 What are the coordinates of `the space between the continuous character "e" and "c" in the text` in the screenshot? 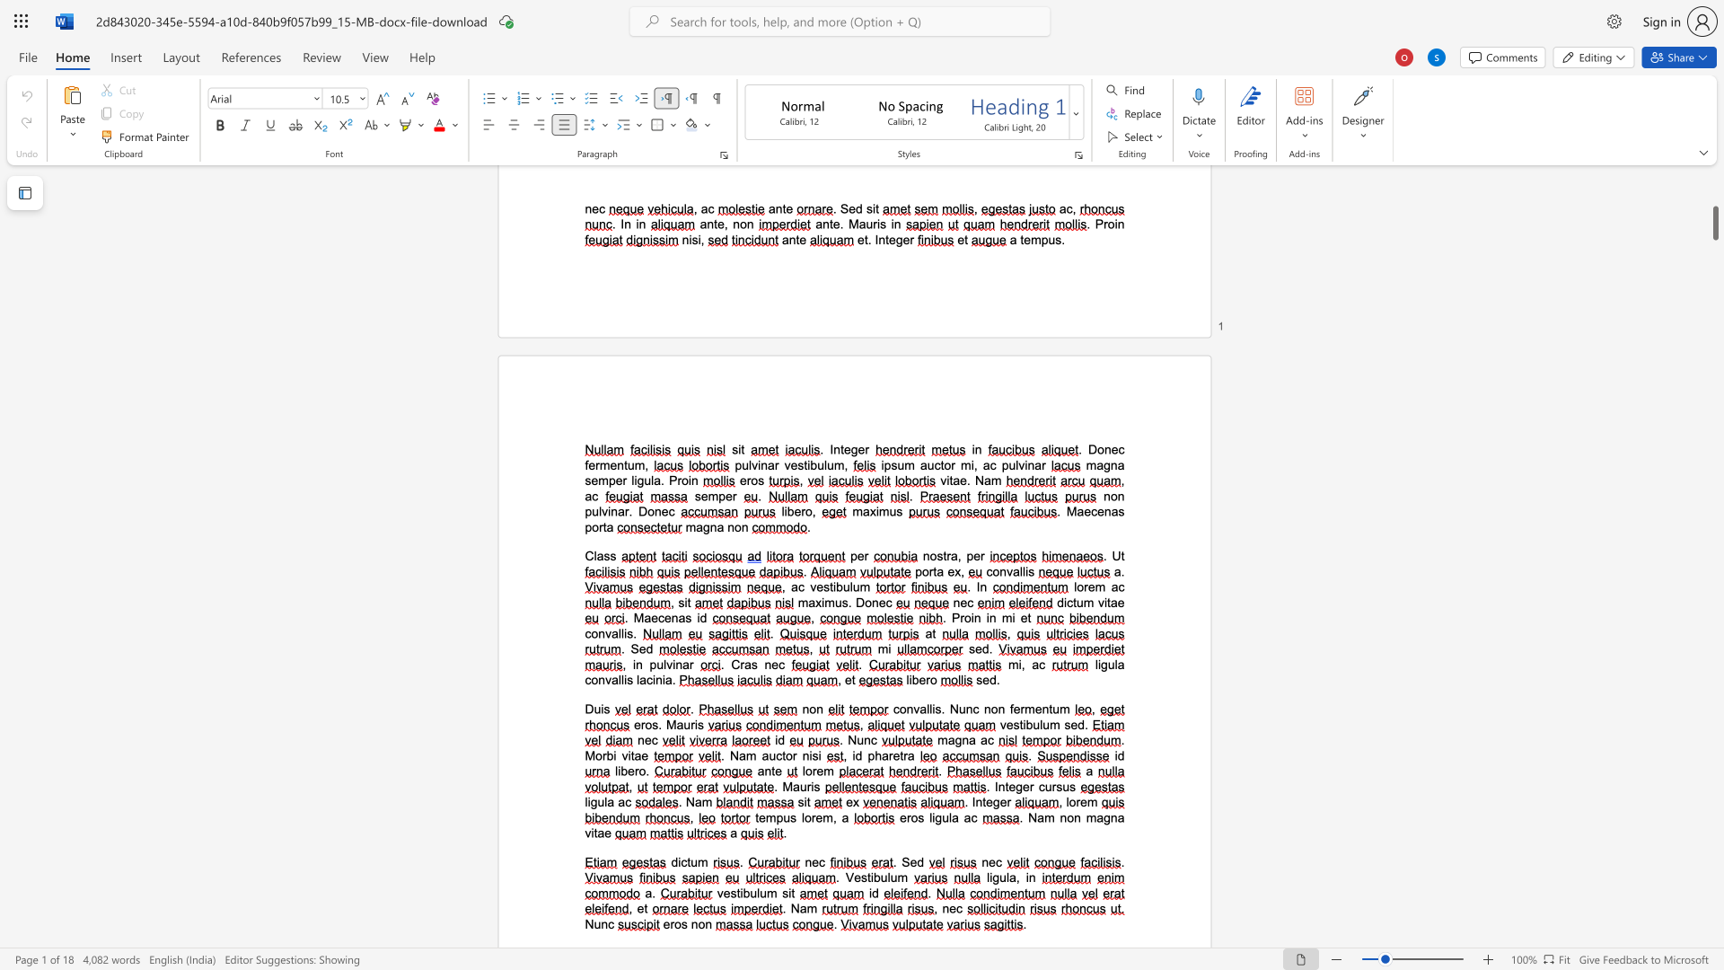 It's located at (778, 665).